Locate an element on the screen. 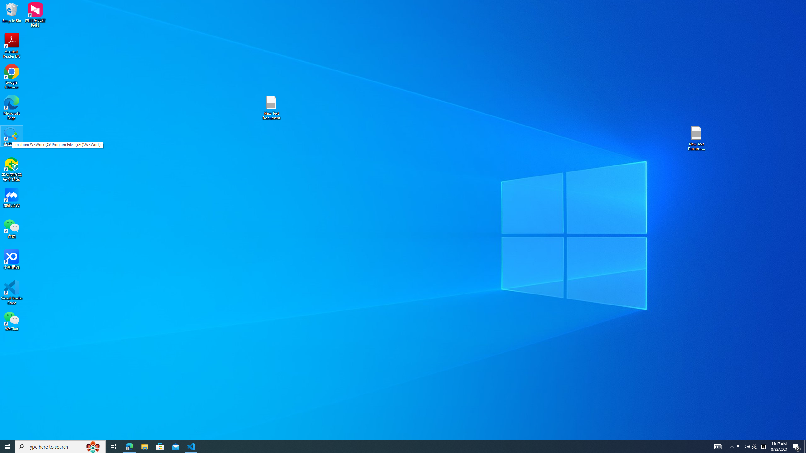  'Tray Input Indicator - Chinese (Simplified, China)' is located at coordinates (763, 446).